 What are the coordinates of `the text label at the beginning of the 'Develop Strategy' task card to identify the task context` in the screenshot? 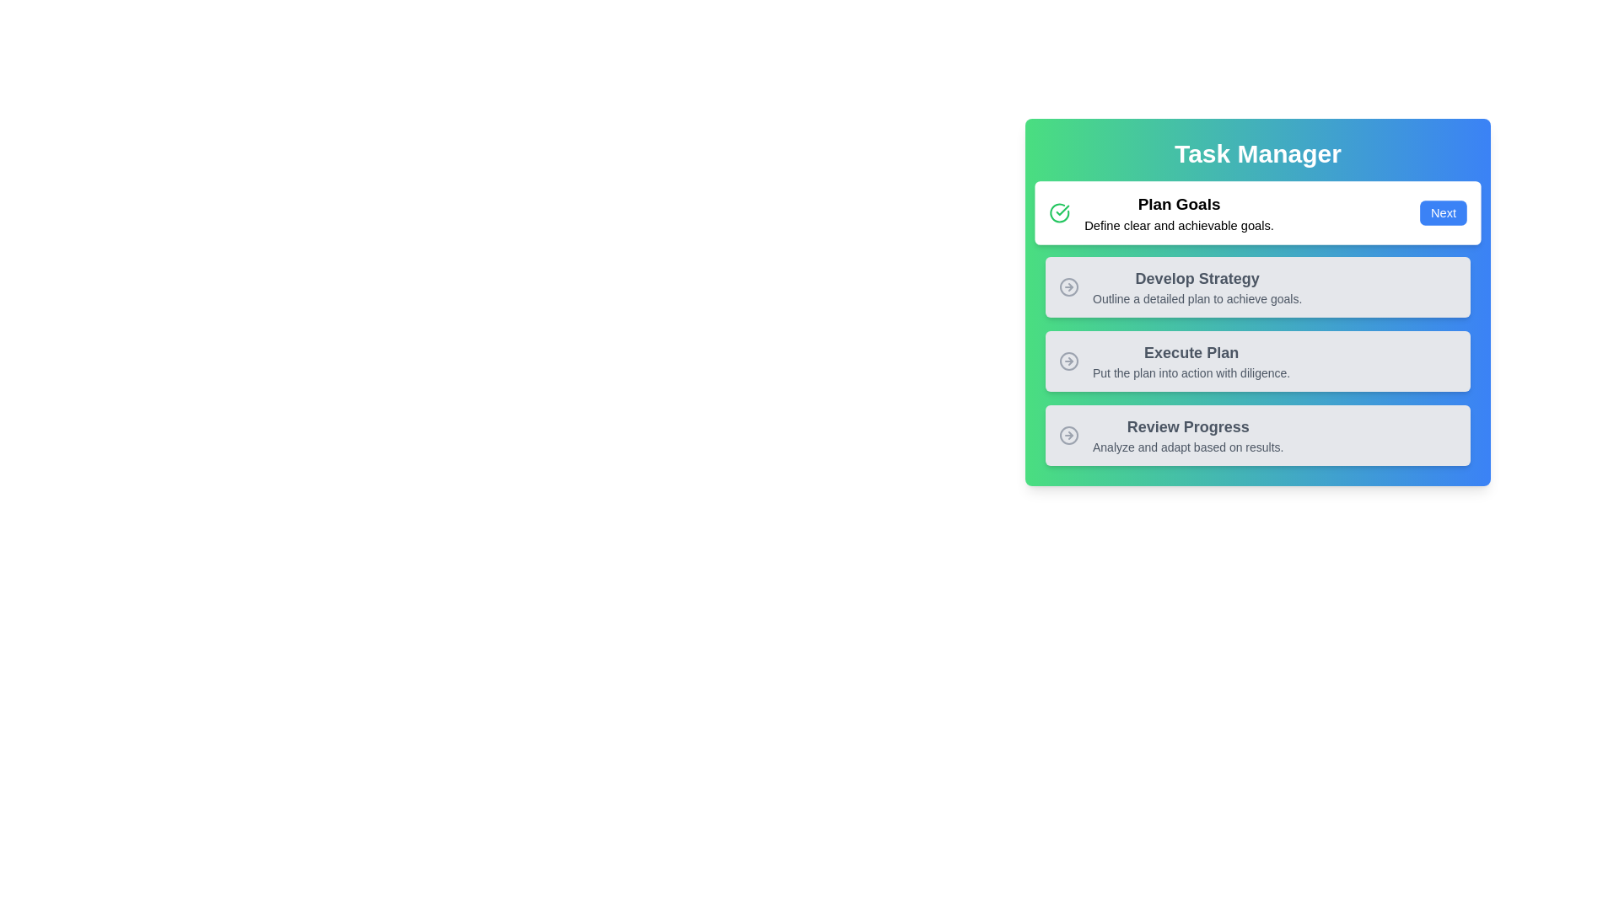 It's located at (1197, 278).